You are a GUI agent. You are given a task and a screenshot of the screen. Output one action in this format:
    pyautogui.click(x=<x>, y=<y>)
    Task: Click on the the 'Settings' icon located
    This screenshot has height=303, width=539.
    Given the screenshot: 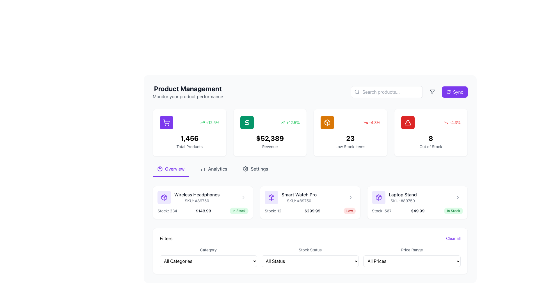 What is the action you would take?
    pyautogui.click(x=246, y=168)
    